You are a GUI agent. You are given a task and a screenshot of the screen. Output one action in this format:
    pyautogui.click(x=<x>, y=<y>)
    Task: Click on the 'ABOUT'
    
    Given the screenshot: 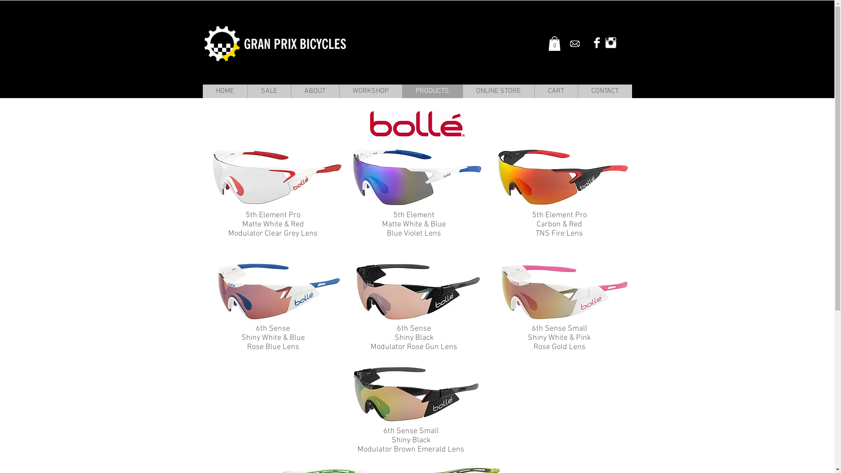 What is the action you would take?
    pyautogui.click(x=315, y=91)
    